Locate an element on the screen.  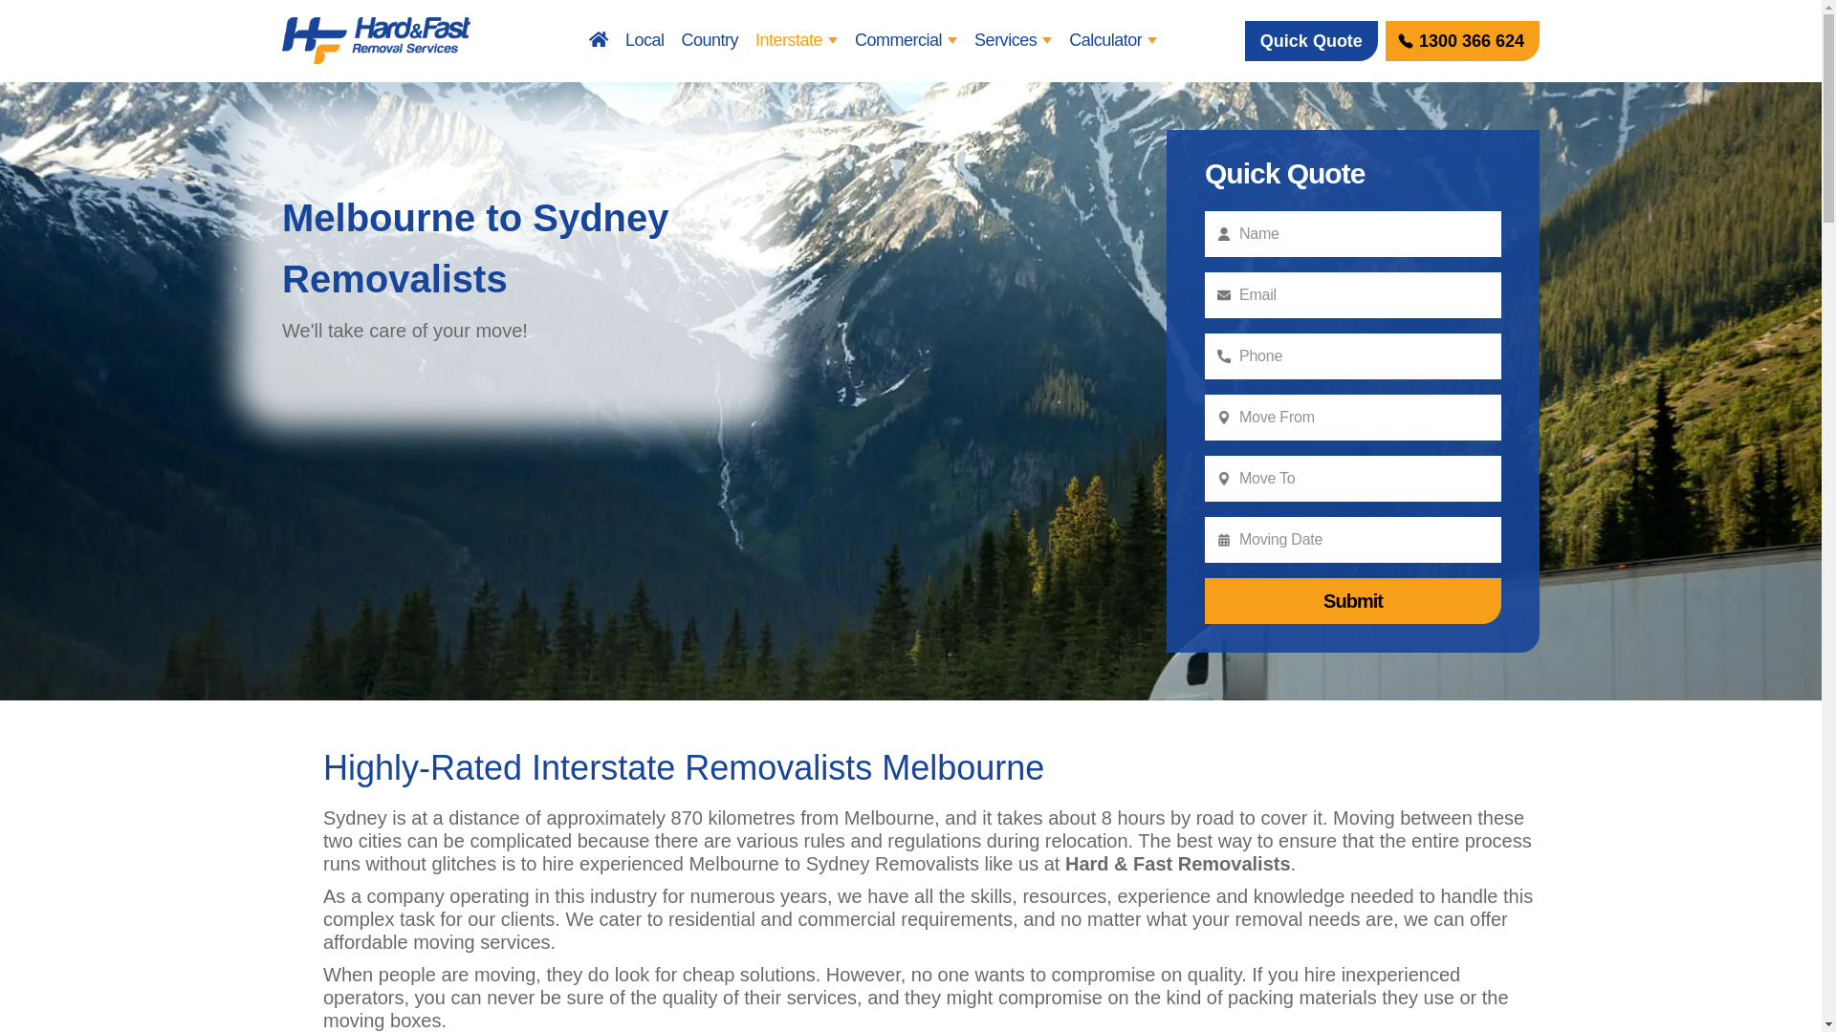
'Services' is located at coordinates (973, 40).